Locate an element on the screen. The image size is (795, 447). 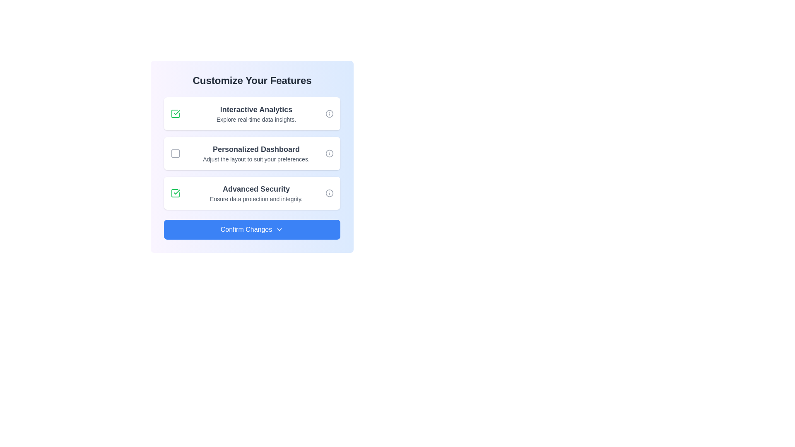
the informational button icon located to the right of the 'Interactive Analytics' option is located at coordinates (329, 113).